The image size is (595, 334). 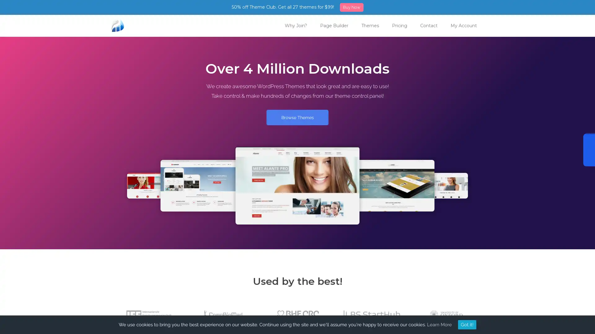 I want to click on Buy Now, so click(x=351, y=7).